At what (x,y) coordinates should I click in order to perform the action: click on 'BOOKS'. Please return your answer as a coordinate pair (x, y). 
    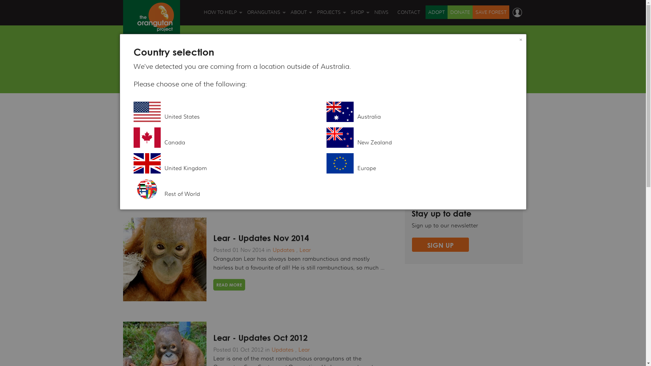
    Looking at the image, I should click on (352, 68).